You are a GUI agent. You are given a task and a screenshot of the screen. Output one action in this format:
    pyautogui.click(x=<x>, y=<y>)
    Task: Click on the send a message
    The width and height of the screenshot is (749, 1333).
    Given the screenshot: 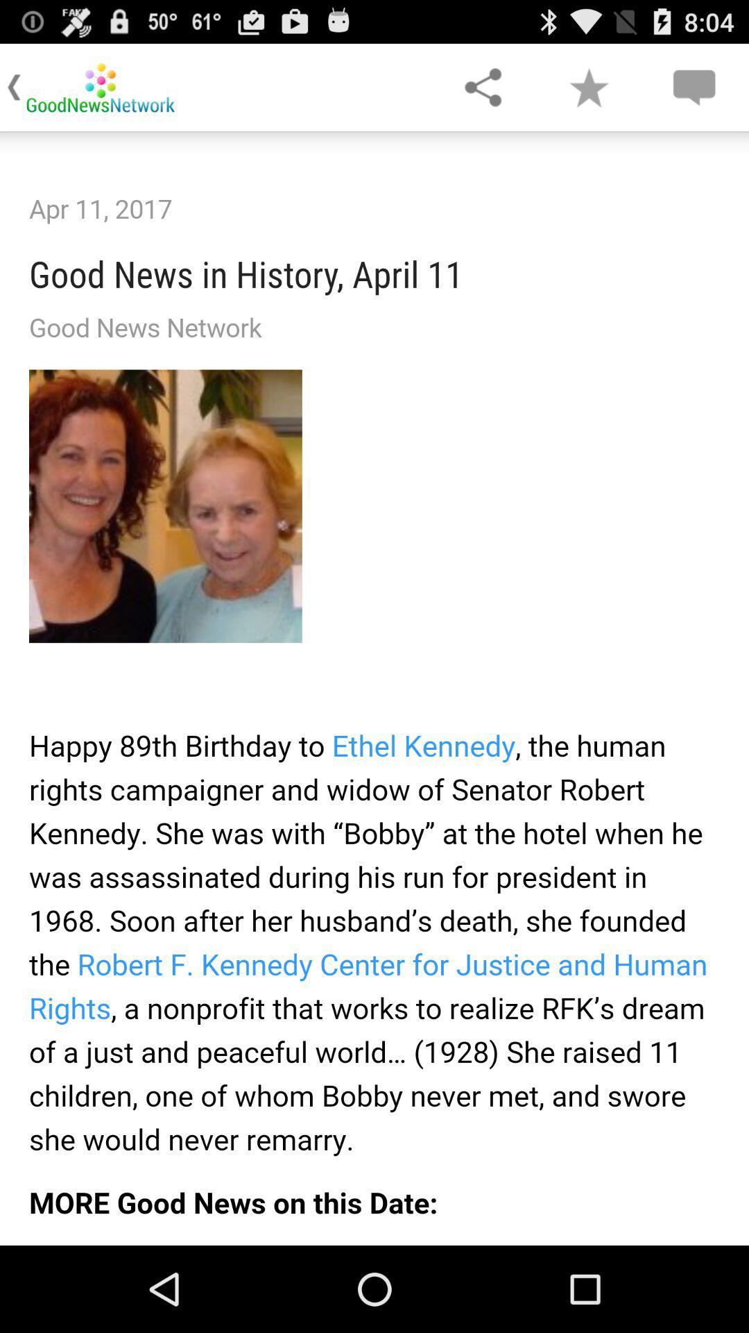 What is the action you would take?
    pyautogui.click(x=694, y=86)
    